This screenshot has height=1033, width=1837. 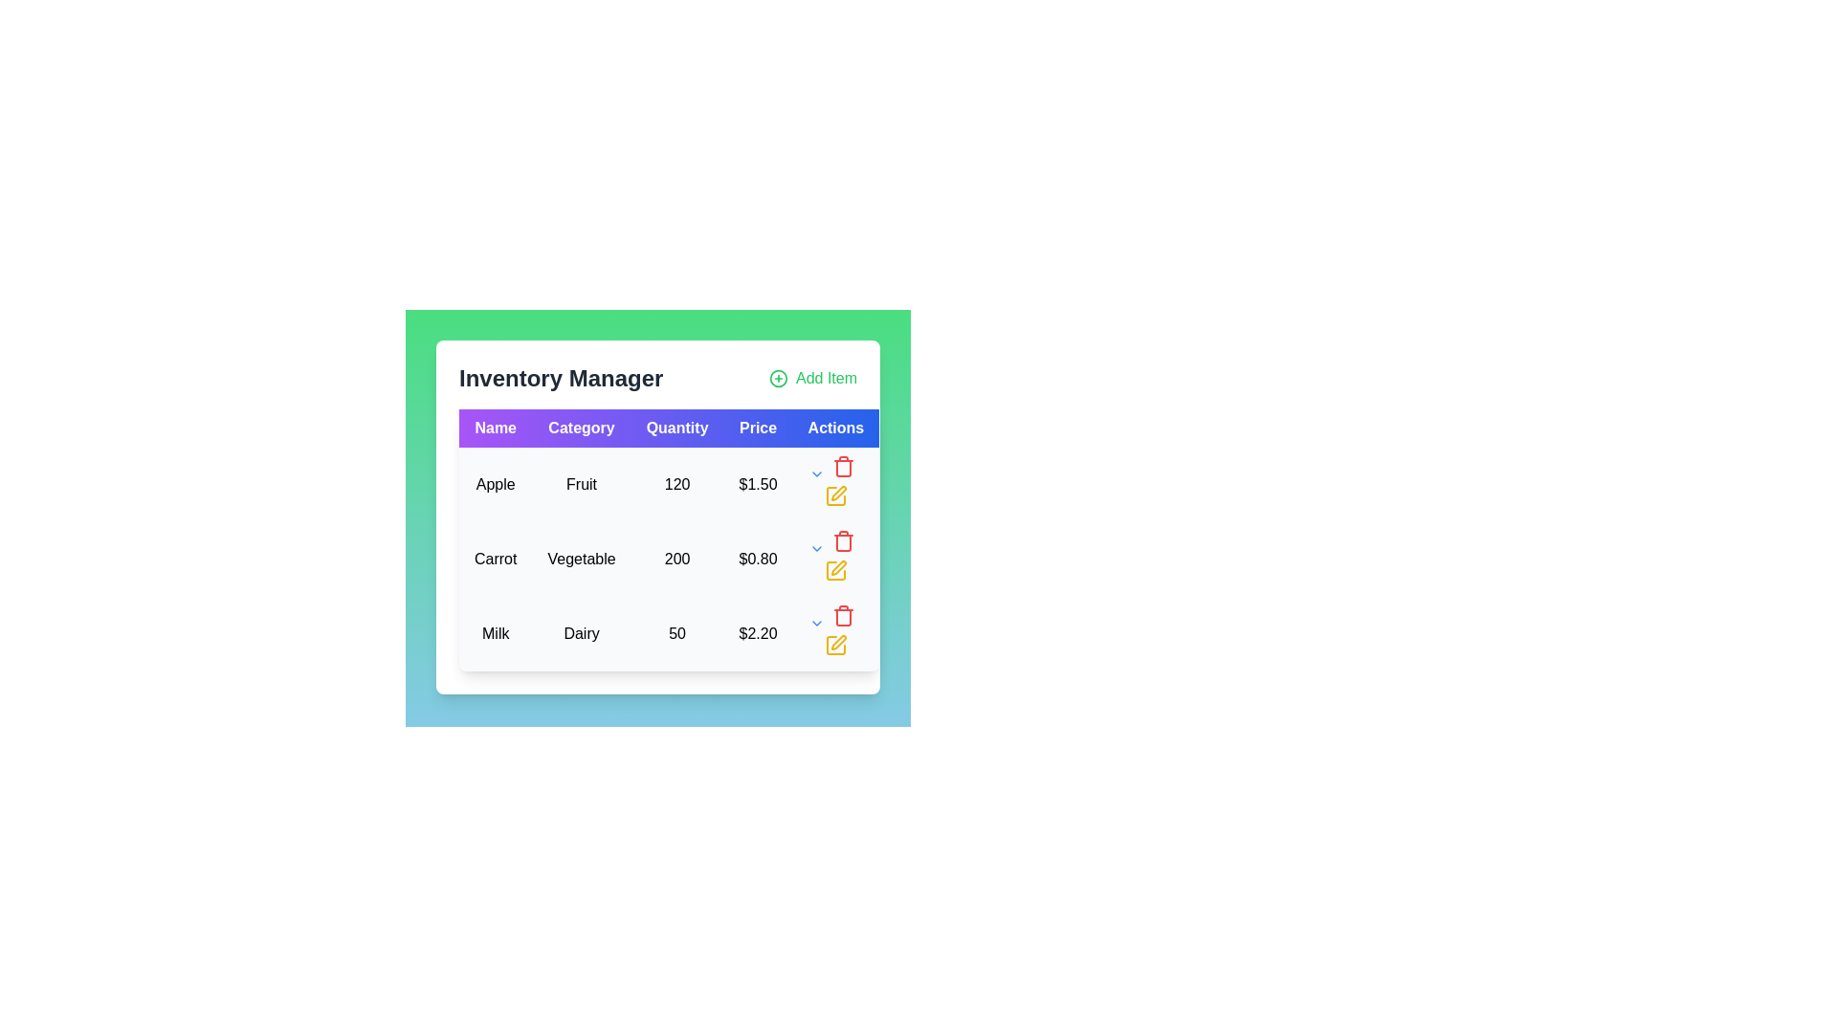 I want to click on the Text label indicating the category of the item 'Milk' in the second row of the table under the 'Category' column, so click(x=581, y=634).